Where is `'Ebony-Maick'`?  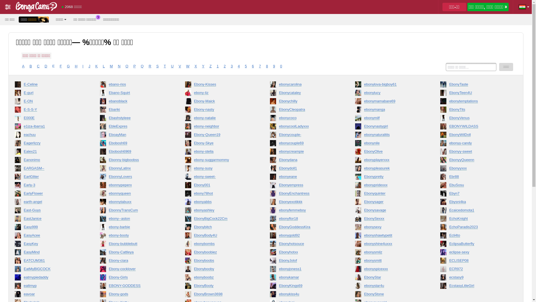
'Ebony-Maick' is located at coordinates (219, 102).